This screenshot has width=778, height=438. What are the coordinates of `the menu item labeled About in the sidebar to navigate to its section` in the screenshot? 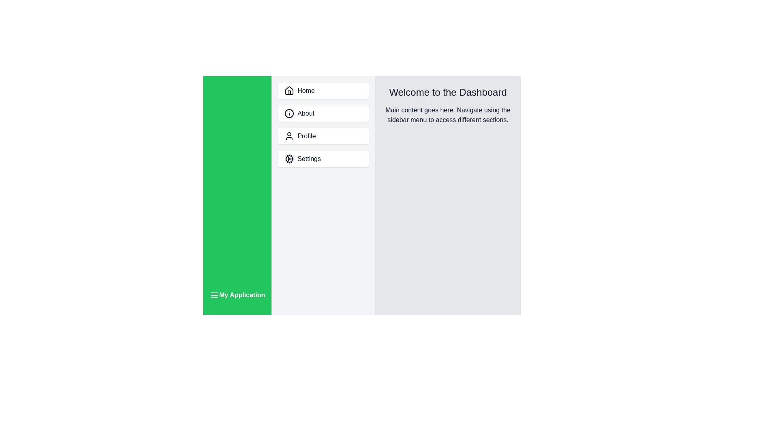 It's located at (323, 114).